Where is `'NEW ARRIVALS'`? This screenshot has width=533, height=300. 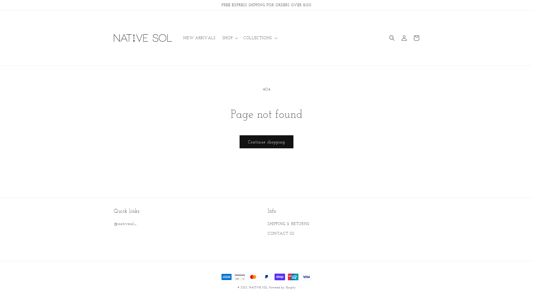
'NEW ARRIVALS' is located at coordinates (199, 38).